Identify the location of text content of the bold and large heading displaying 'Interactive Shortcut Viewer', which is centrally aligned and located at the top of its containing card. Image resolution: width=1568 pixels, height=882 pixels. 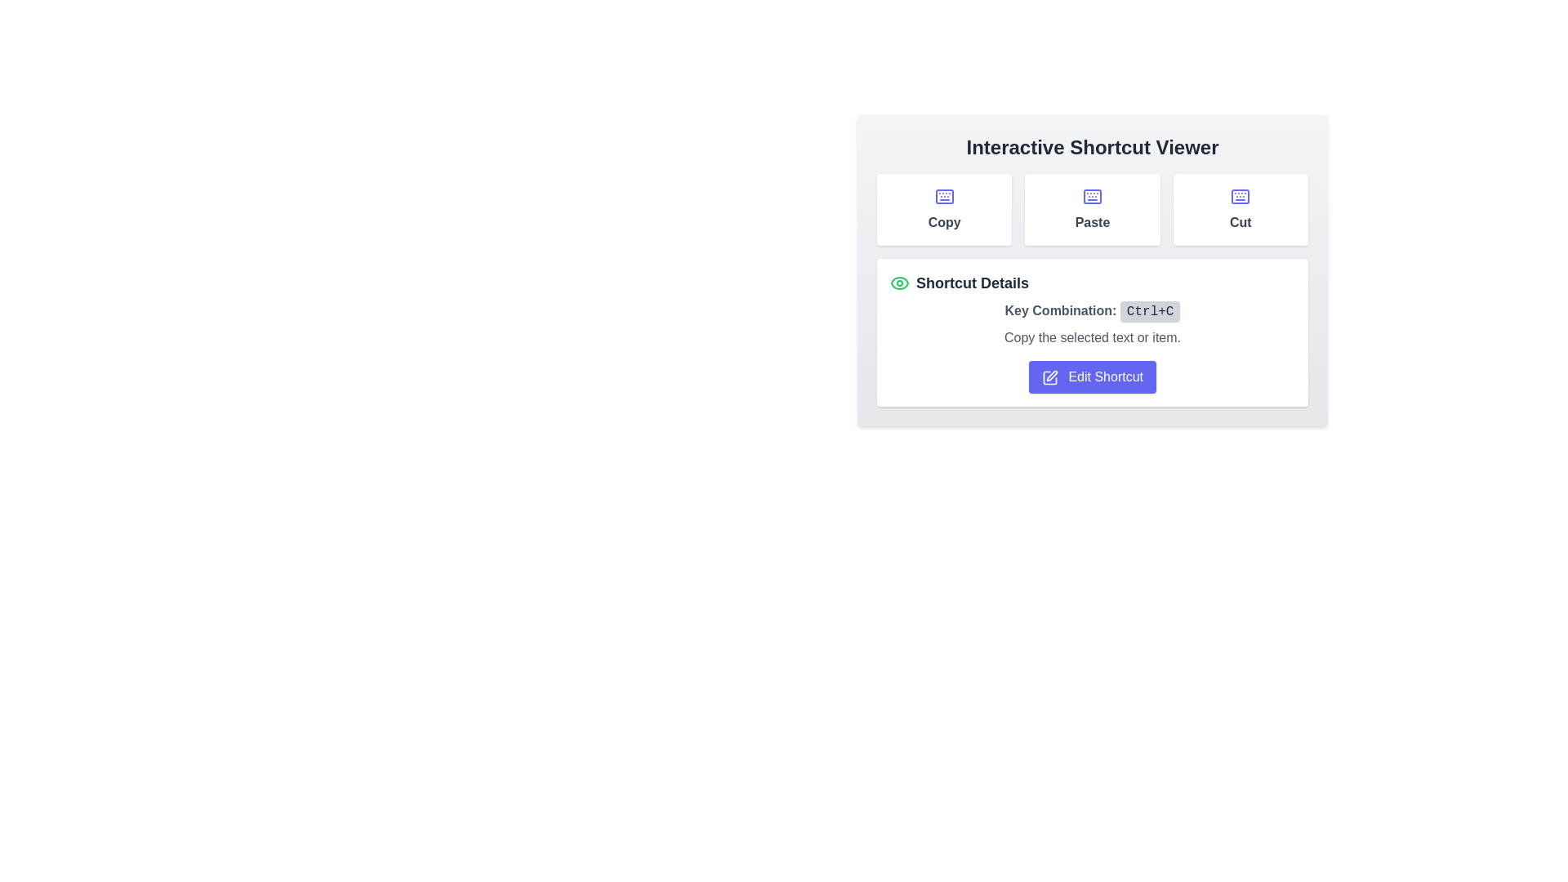
(1093, 148).